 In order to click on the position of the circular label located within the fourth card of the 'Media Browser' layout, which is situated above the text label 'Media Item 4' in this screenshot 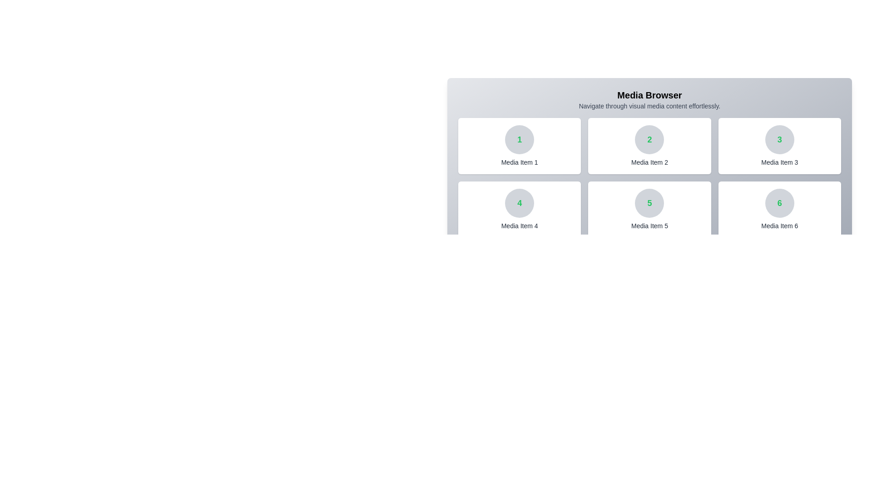, I will do `click(520, 202)`.